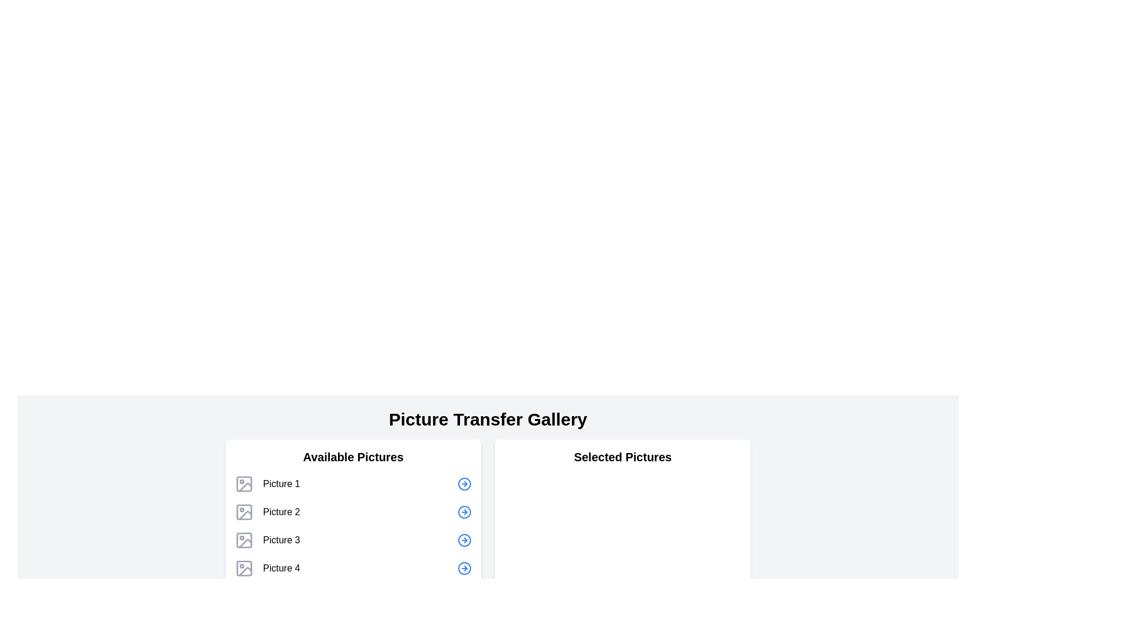  What do you see at coordinates (281, 512) in the screenshot?
I see `the static label denoting the name of the second picture in the list of available pictures in the left panel of the 'Picture Transfer Gallery' interface` at bounding box center [281, 512].